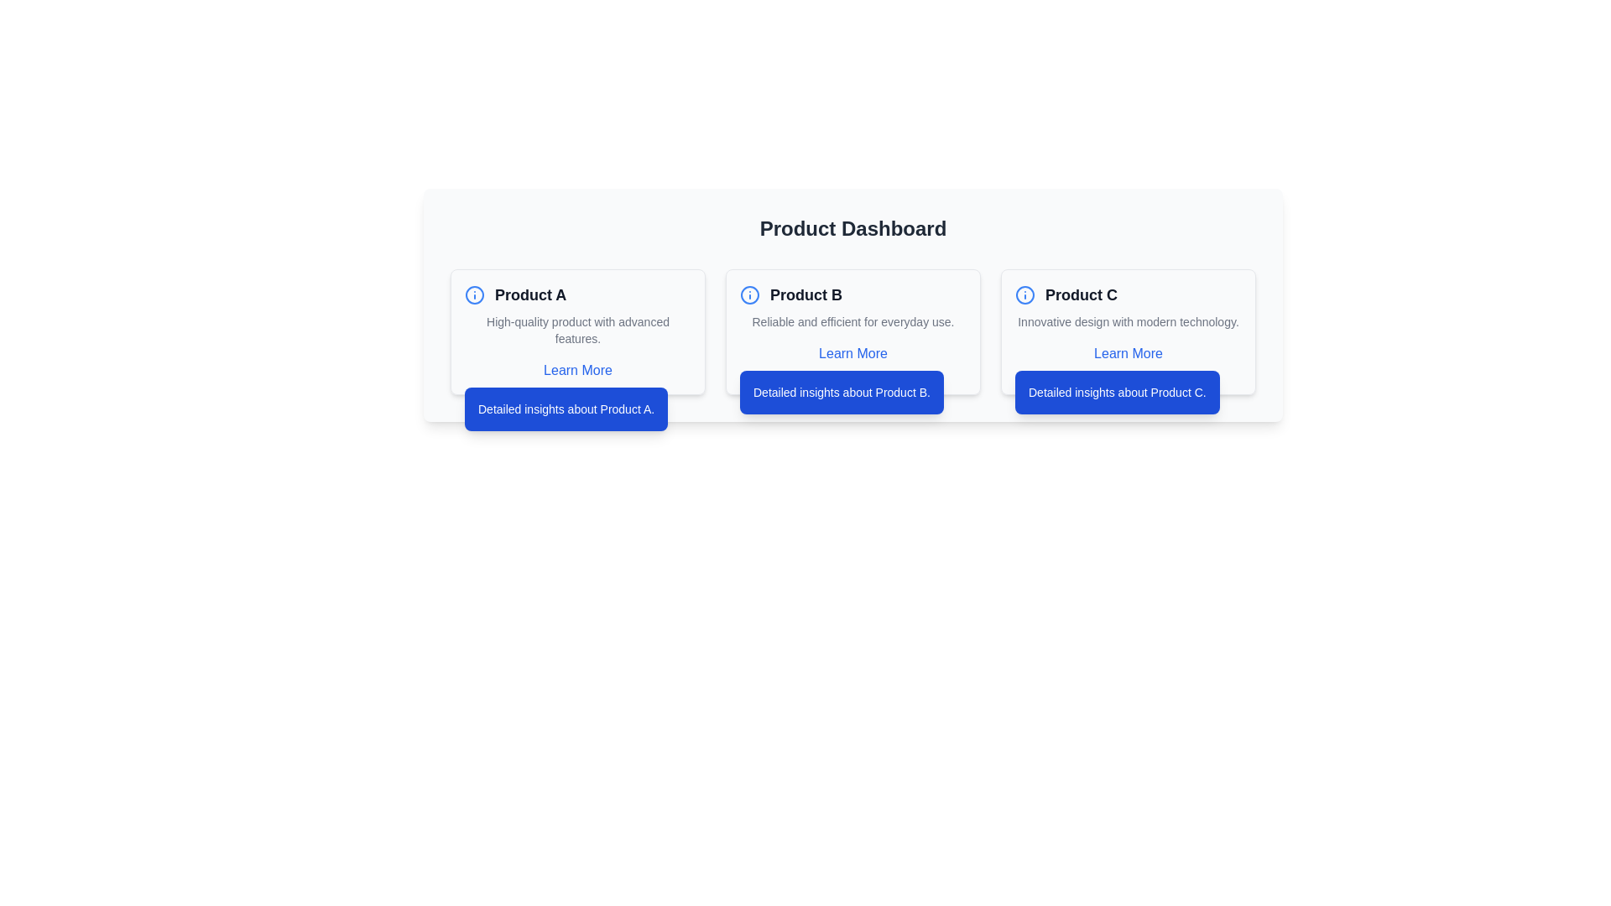 The height and width of the screenshot is (906, 1611). Describe the element at coordinates (1128, 352) in the screenshot. I see `the 'Learn More' hyperlink located below the description of 'Product C' in the Product Dashboard` at that location.